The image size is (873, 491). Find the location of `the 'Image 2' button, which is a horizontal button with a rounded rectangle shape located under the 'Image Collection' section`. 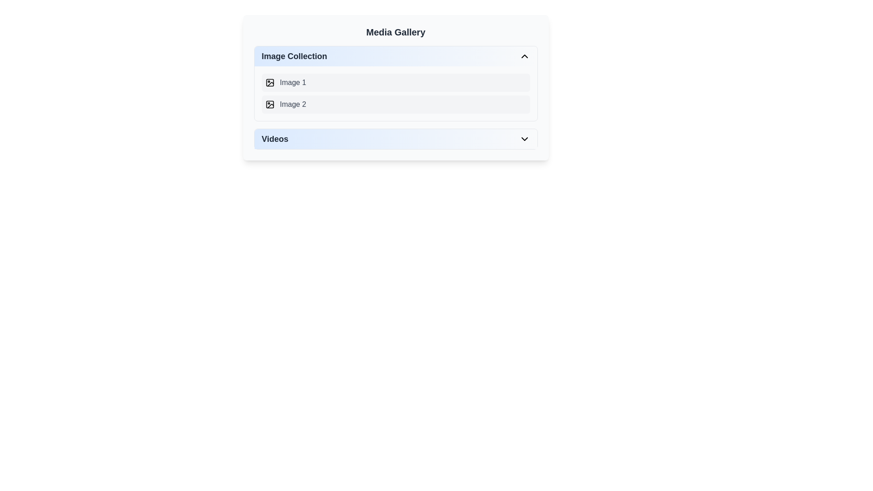

the 'Image 2' button, which is a horizontal button with a rounded rectangle shape located under the 'Image Collection' section is located at coordinates (396, 104).